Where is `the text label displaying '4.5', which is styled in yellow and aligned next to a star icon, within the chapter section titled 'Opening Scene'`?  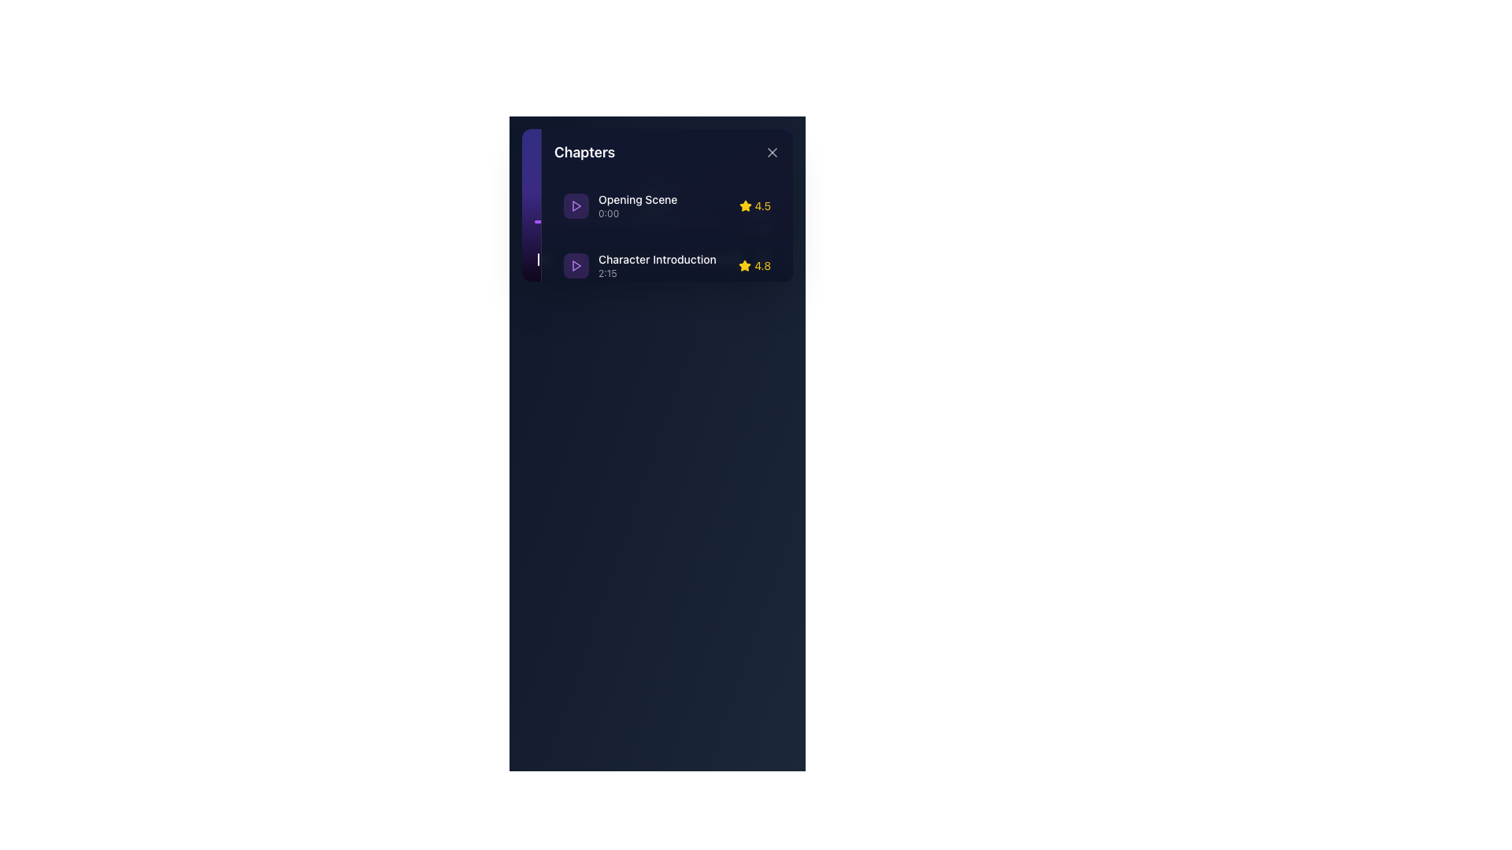 the text label displaying '4.5', which is styled in yellow and aligned next to a star icon, within the chapter section titled 'Opening Scene' is located at coordinates (762, 205).